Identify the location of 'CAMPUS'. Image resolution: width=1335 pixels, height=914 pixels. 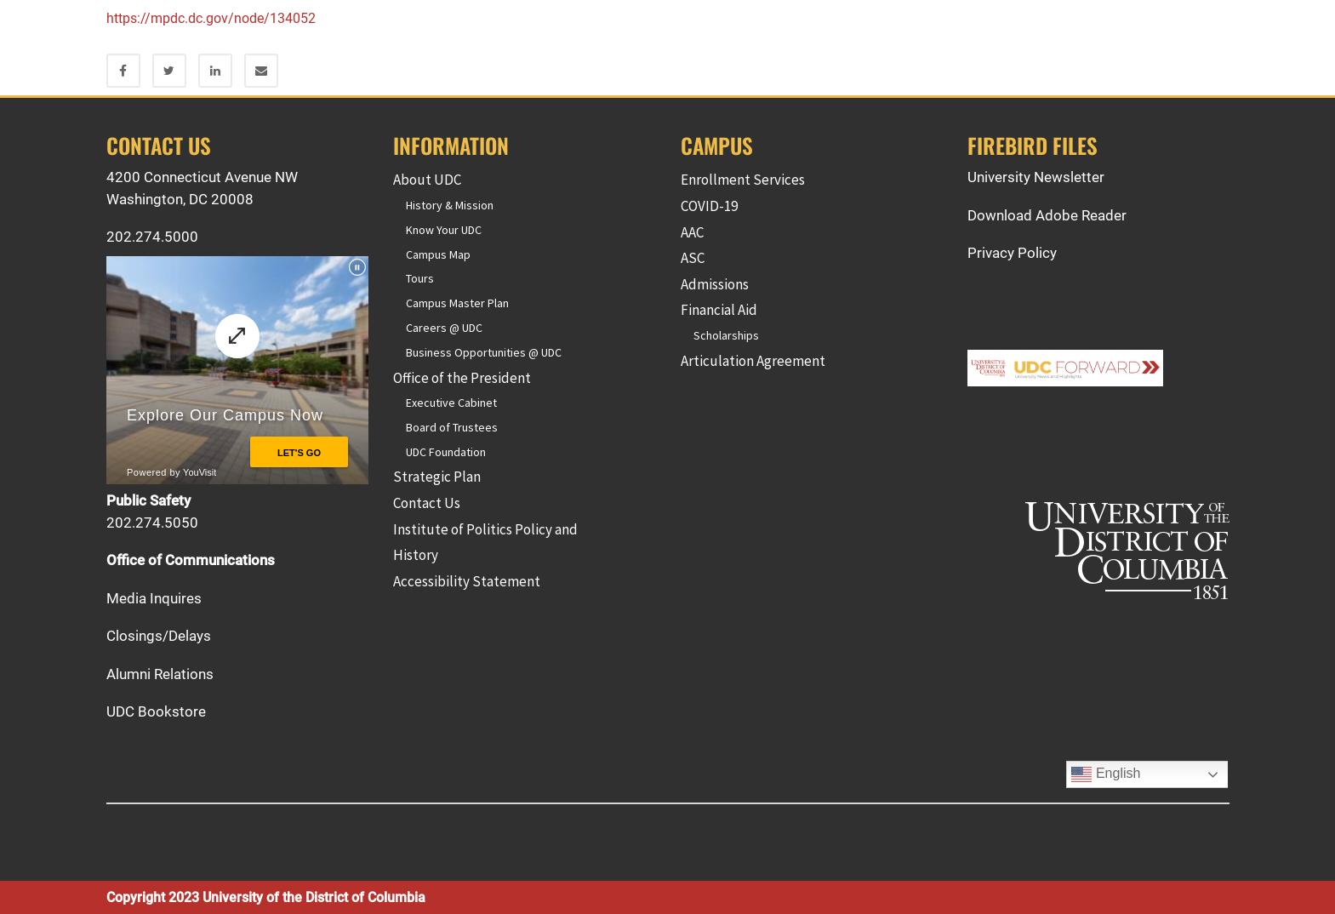
(716, 145).